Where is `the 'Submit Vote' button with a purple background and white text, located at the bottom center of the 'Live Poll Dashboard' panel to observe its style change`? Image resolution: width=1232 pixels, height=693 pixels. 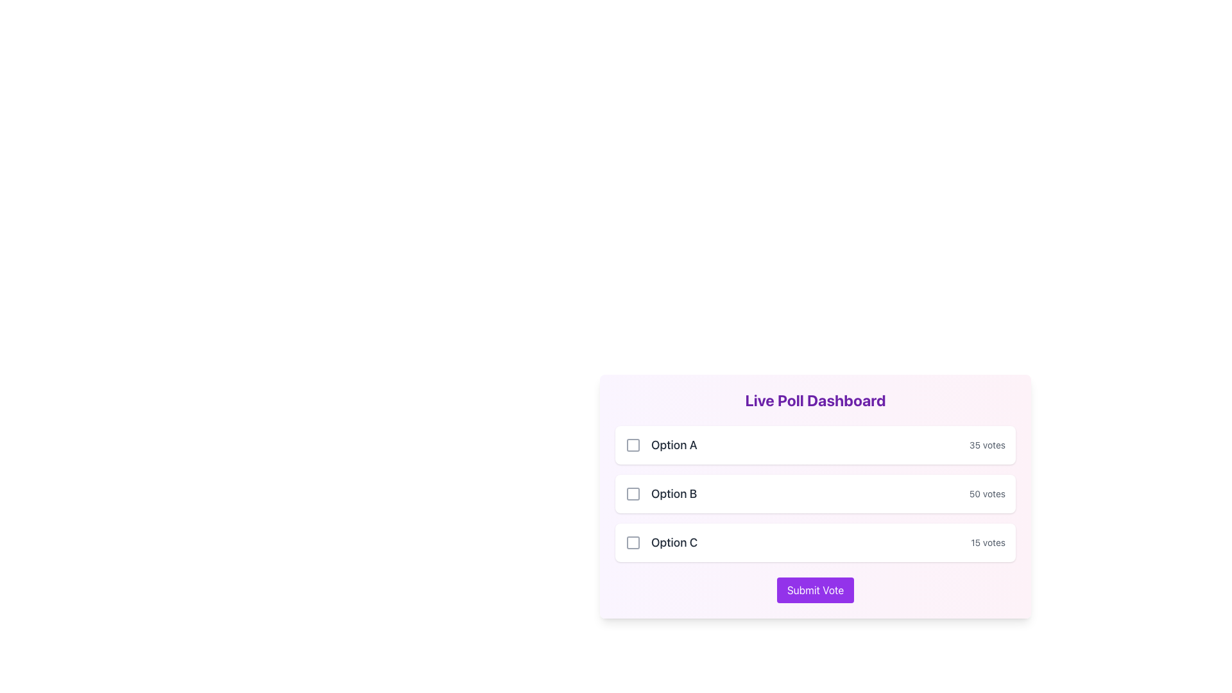
the 'Submit Vote' button with a purple background and white text, located at the bottom center of the 'Live Poll Dashboard' panel to observe its style change is located at coordinates (815, 590).